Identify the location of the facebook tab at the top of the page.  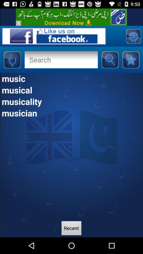
(54, 36).